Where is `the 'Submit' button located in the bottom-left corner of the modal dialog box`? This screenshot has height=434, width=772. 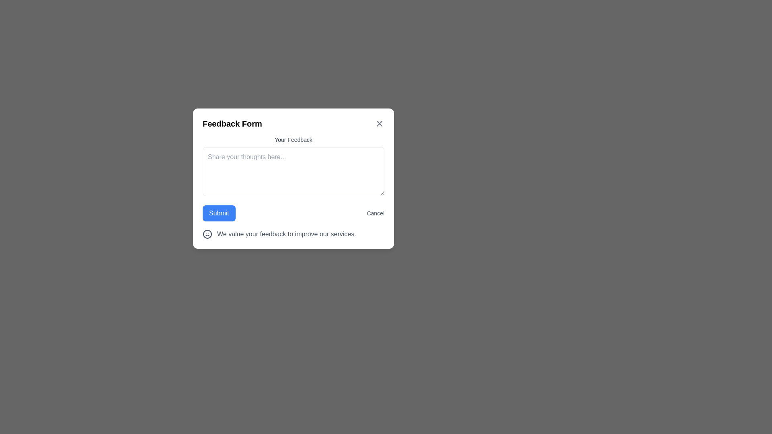
the 'Submit' button located in the bottom-left corner of the modal dialog box is located at coordinates (219, 213).